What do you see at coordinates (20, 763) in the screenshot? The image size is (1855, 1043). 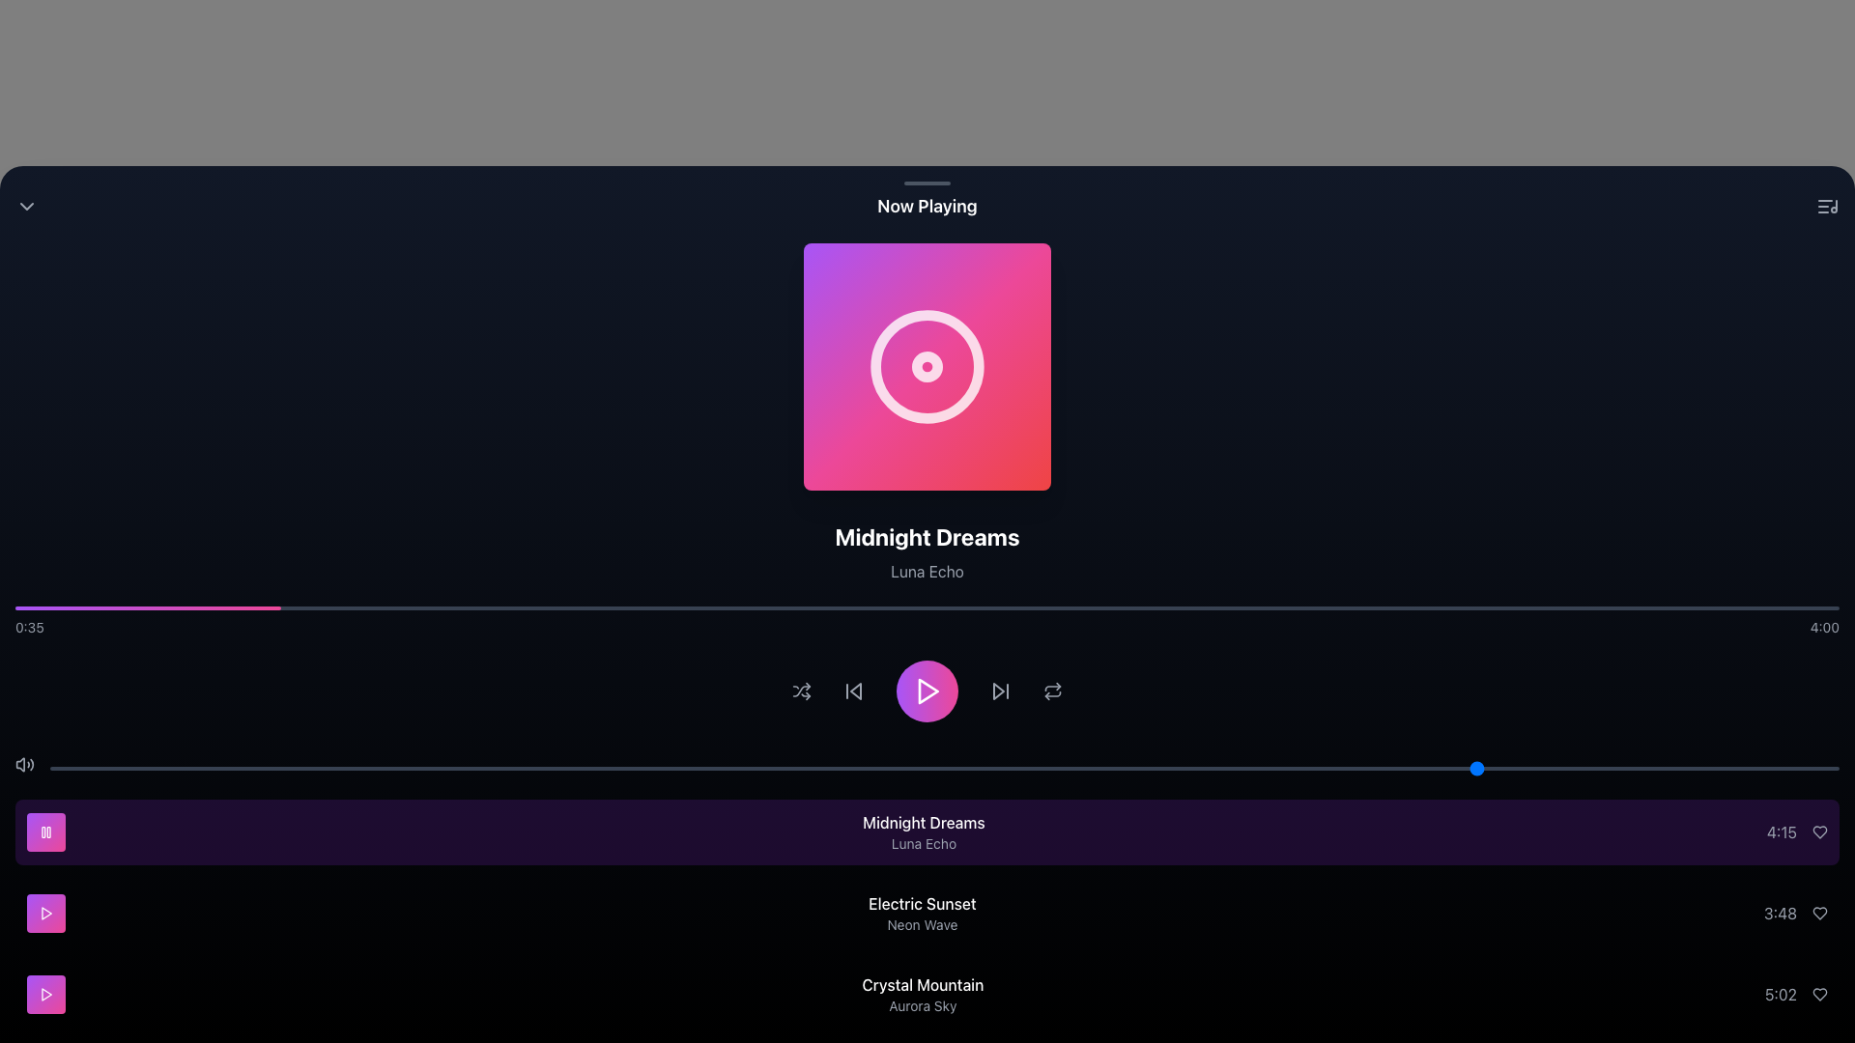 I see `the leftmost graphical SVG element of the speaker icon, which visually represents the speaker volume area` at bounding box center [20, 763].